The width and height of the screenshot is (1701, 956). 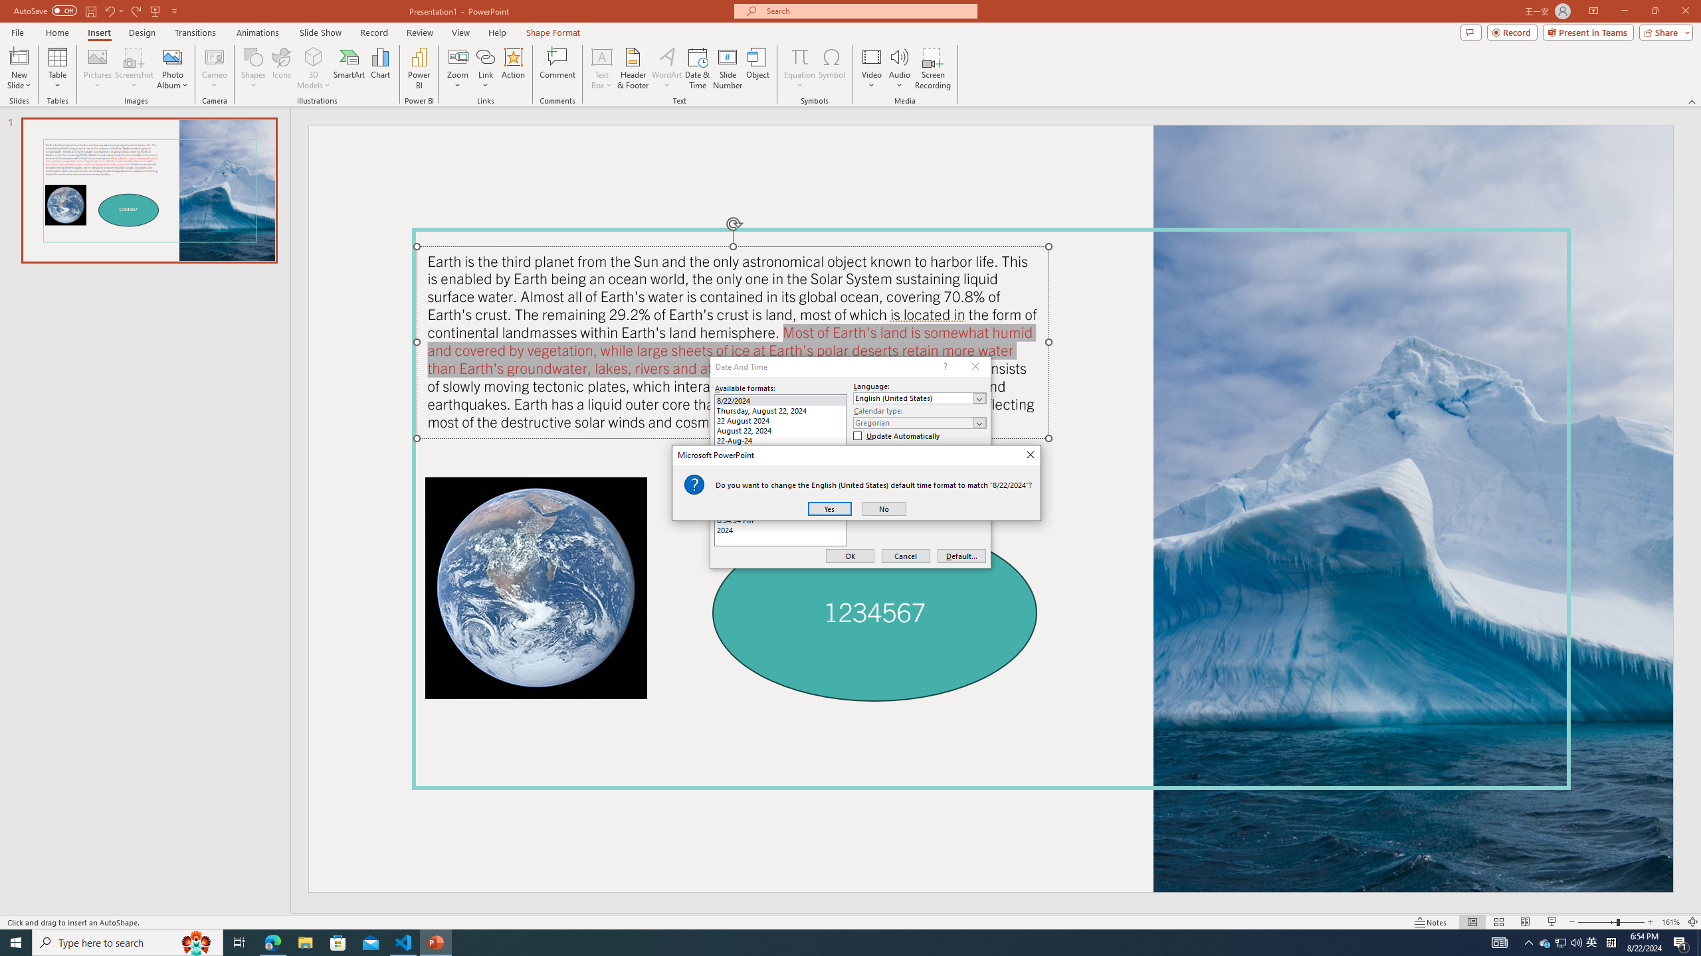 What do you see at coordinates (496, 33) in the screenshot?
I see `'Help'` at bounding box center [496, 33].